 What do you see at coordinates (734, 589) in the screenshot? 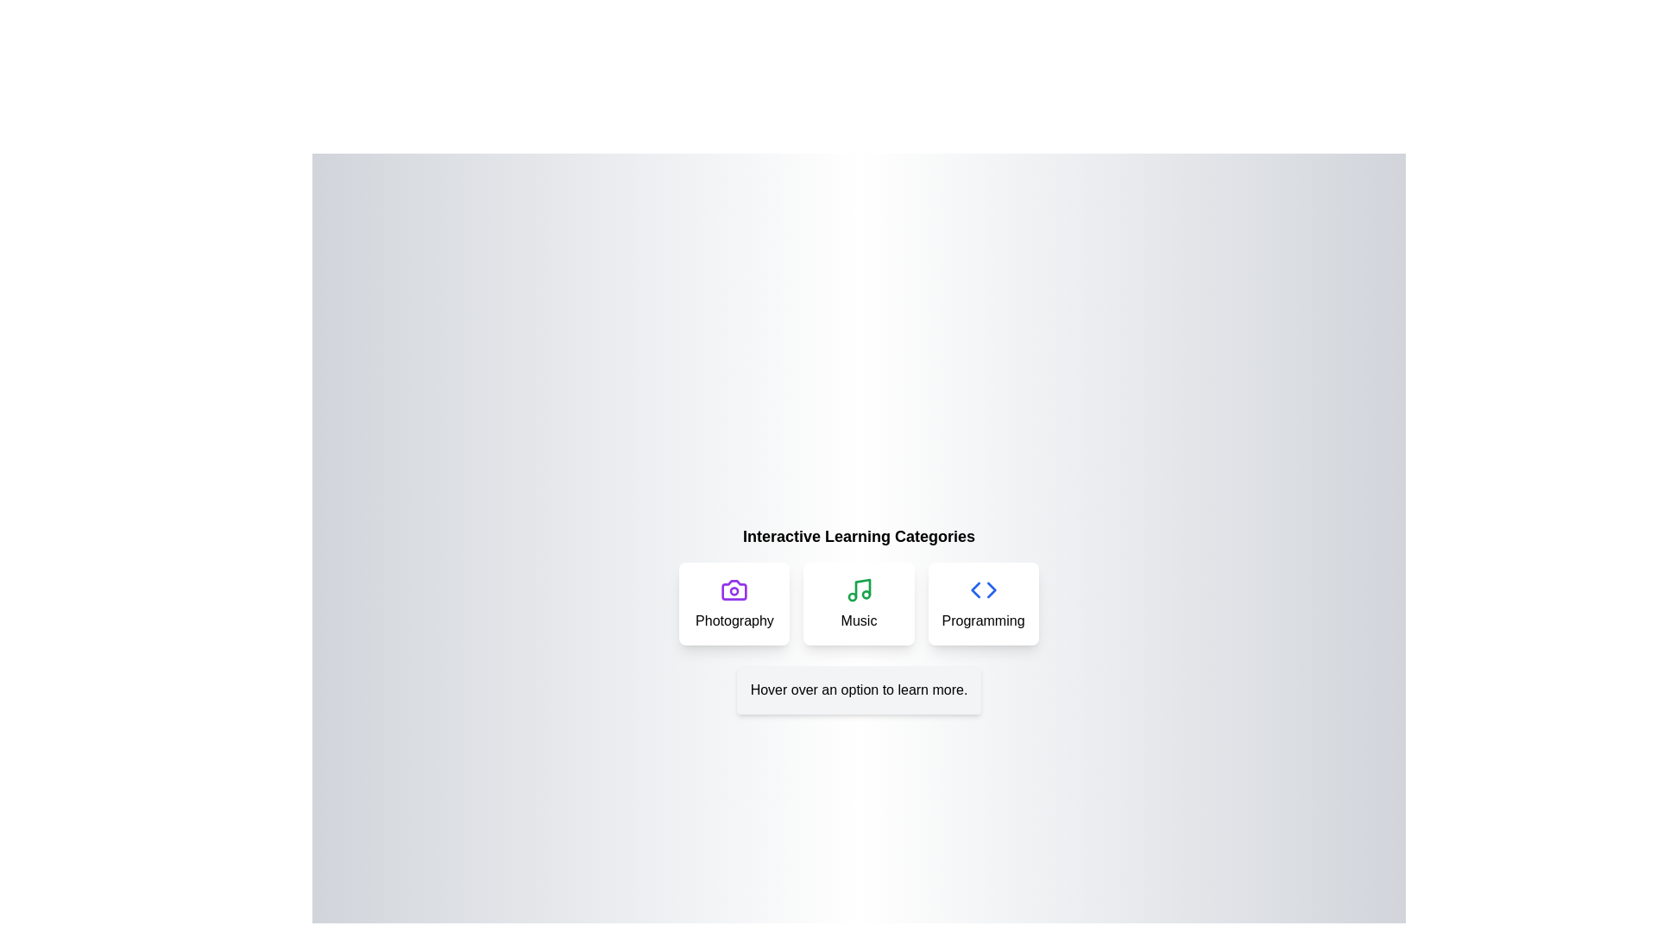
I see `the camera-shaped icon with a purple outline located at the top center of the 'Photography' card` at bounding box center [734, 589].